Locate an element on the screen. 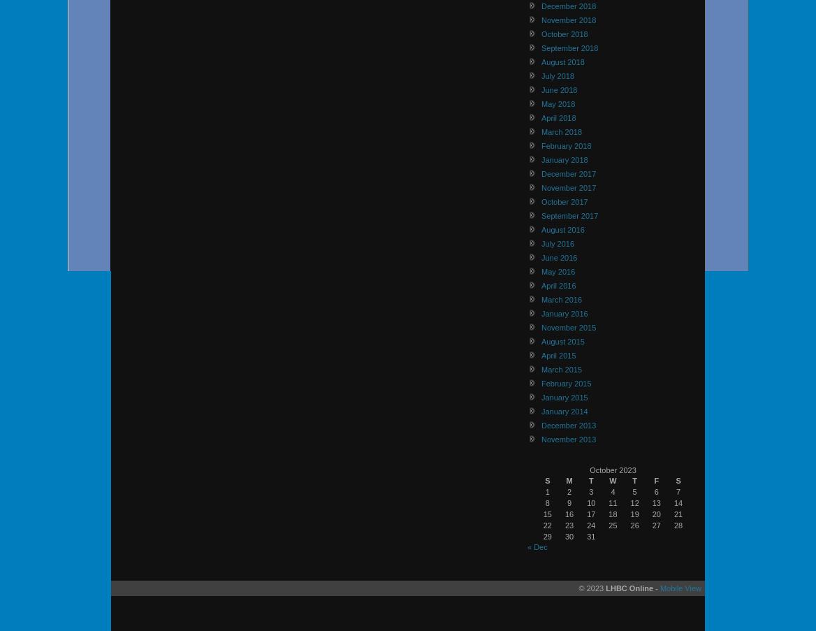  'July 2018' is located at coordinates (558, 75).